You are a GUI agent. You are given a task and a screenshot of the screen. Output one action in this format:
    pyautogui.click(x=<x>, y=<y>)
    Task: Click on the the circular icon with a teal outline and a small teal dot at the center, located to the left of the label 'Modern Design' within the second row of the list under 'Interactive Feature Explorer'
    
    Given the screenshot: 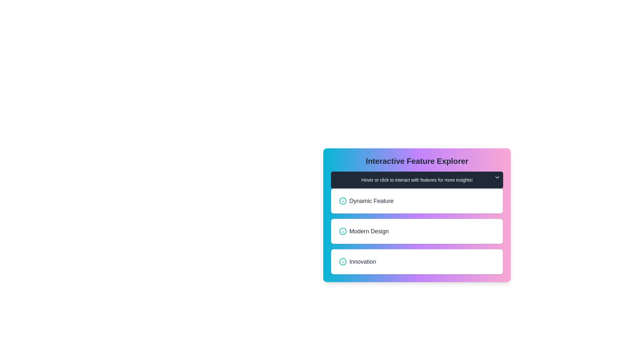 What is the action you would take?
    pyautogui.click(x=342, y=231)
    